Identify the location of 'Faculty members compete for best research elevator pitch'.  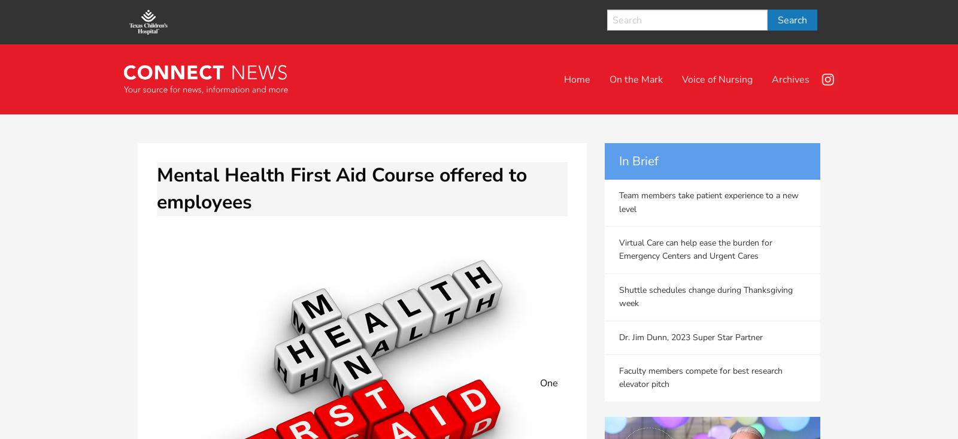
(701, 377).